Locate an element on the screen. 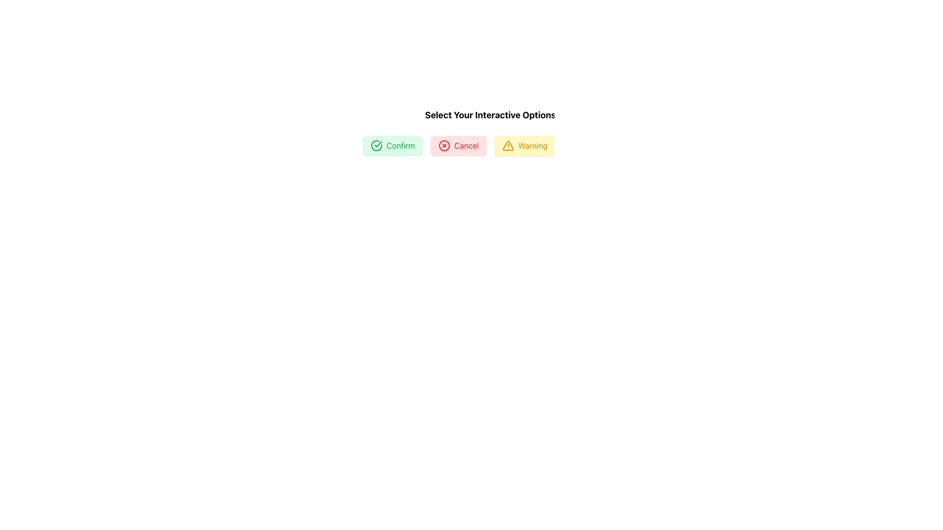  the cancellation icon located to the left of the 'Cancel' label in the cancel button grouping at the center of the interface is located at coordinates (444, 146).